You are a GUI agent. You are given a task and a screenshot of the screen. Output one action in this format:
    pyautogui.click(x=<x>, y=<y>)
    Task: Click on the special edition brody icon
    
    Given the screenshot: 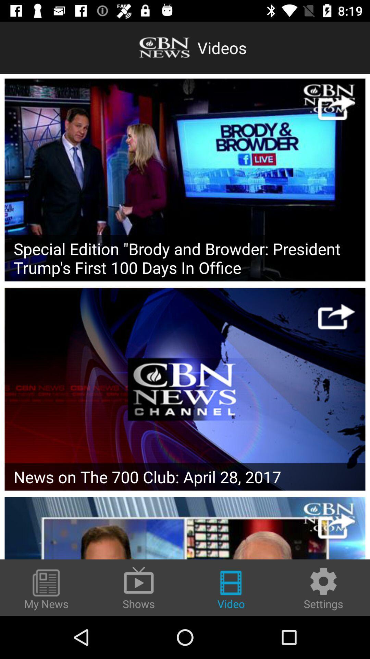 What is the action you would take?
    pyautogui.click(x=185, y=258)
    